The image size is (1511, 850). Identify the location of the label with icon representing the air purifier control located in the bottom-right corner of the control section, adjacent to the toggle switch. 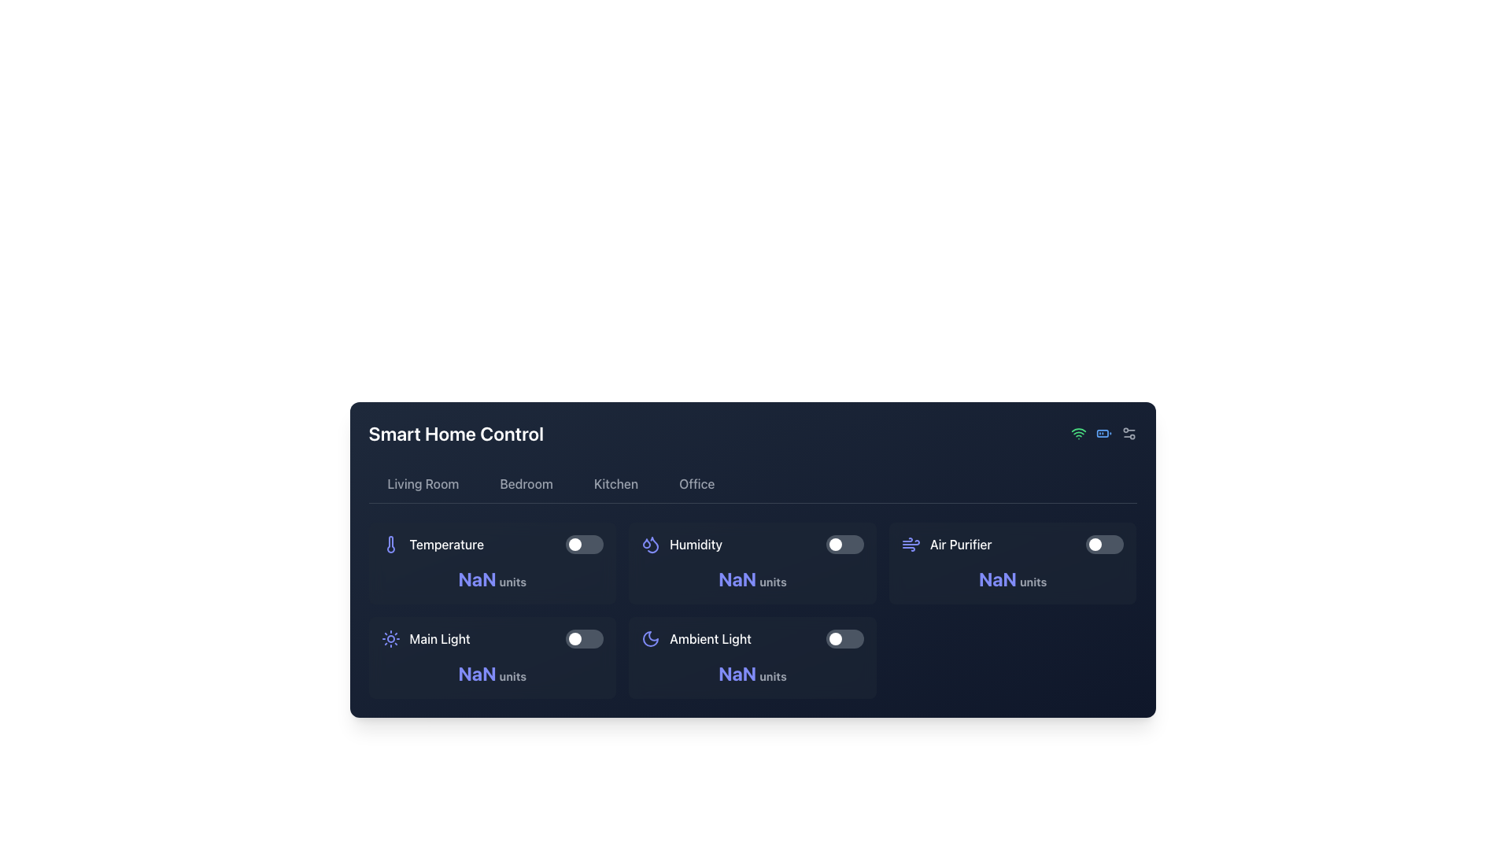
(946, 543).